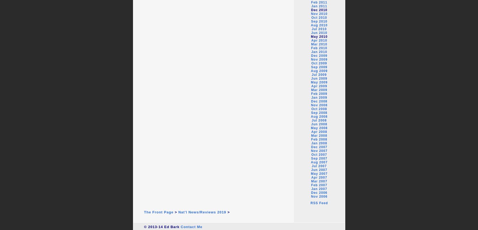 This screenshot has width=478, height=230. What do you see at coordinates (319, 132) in the screenshot?
I see `'Apr 2008'` at bounding box center [319, 132].